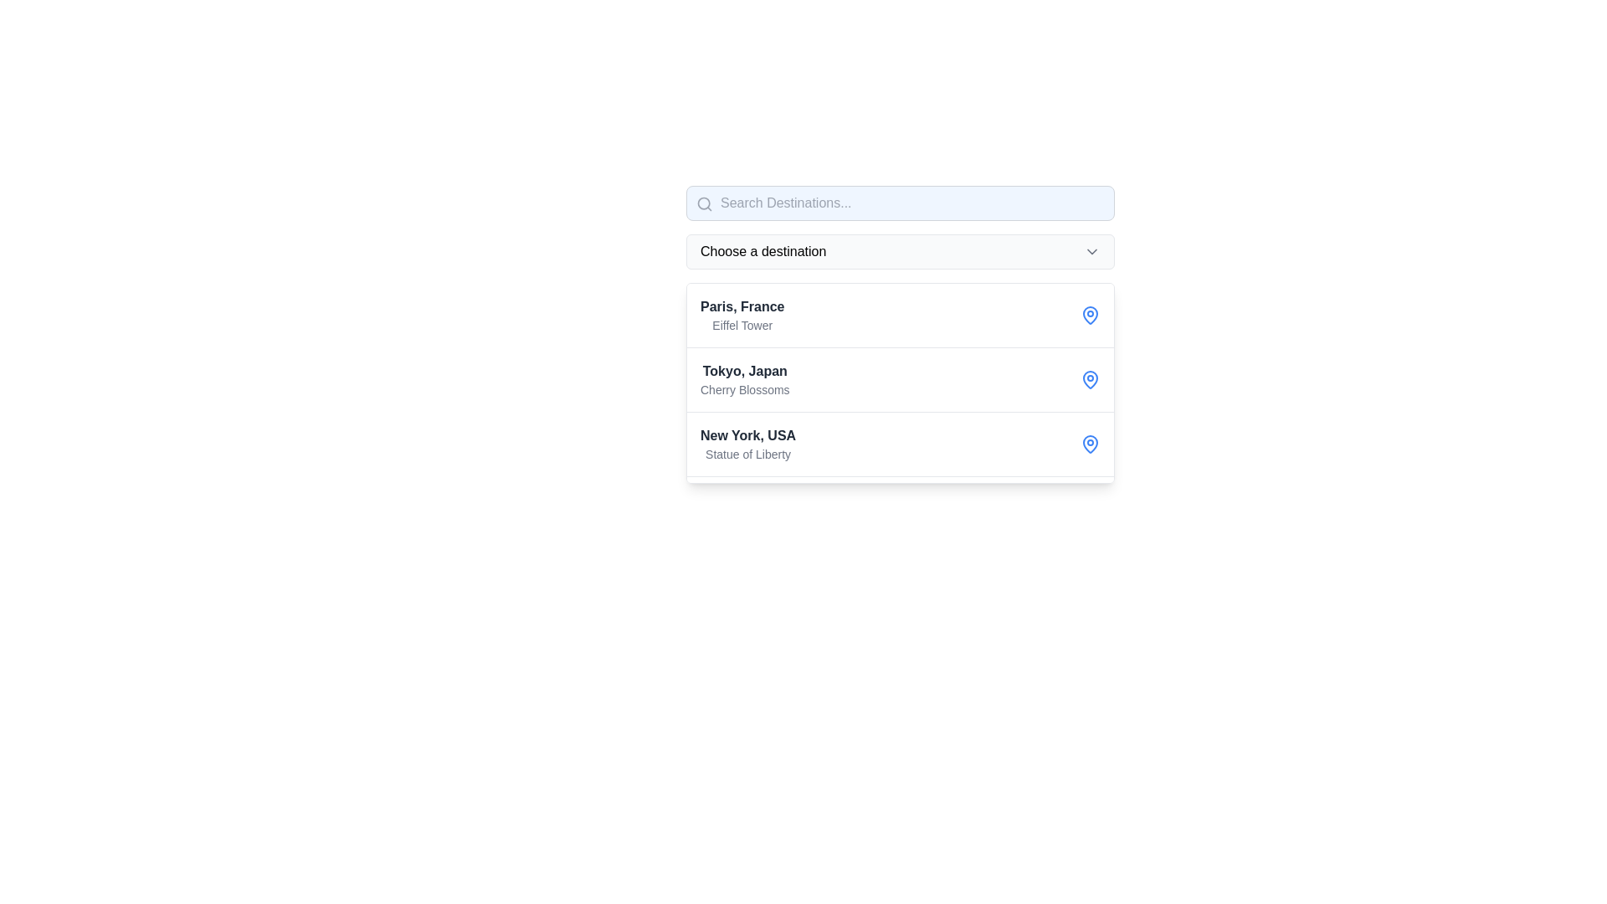 Image resolution: width=1607 pixels, height=904 pixels. Describe the element at coordinates (1090, 380) in the screenshot. I see `the blue outline map pin icon located at the rightmost part of the 'Tokyo, Japan' list item, just after the text 'Cherry Blossoms' to visually associate it with the list item` at that location.